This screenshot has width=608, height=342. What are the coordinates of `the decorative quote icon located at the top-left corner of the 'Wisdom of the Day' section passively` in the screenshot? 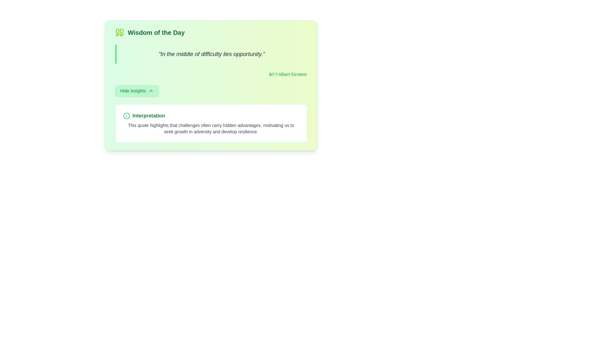 It's located at (119, 33).